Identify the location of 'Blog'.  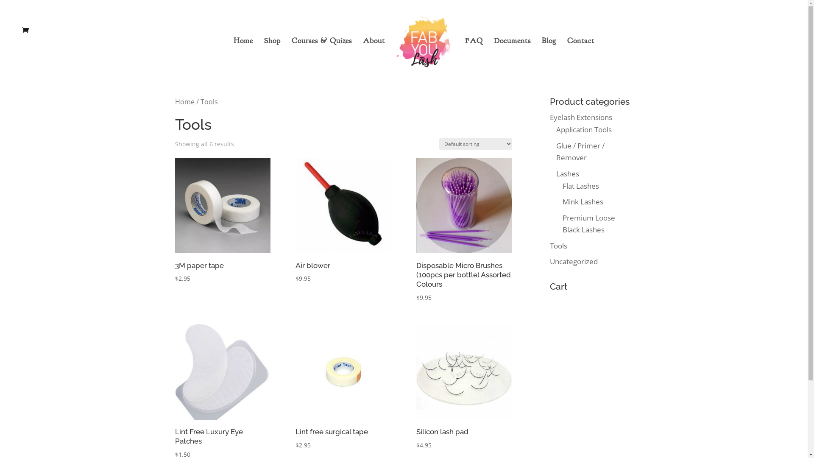
(549, 55).